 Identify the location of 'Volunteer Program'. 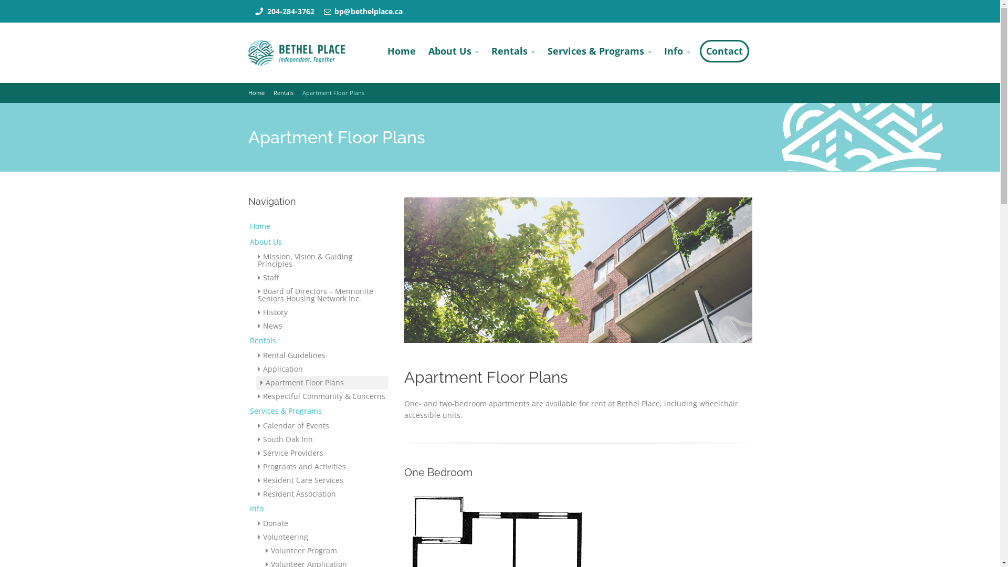
(325, 550).